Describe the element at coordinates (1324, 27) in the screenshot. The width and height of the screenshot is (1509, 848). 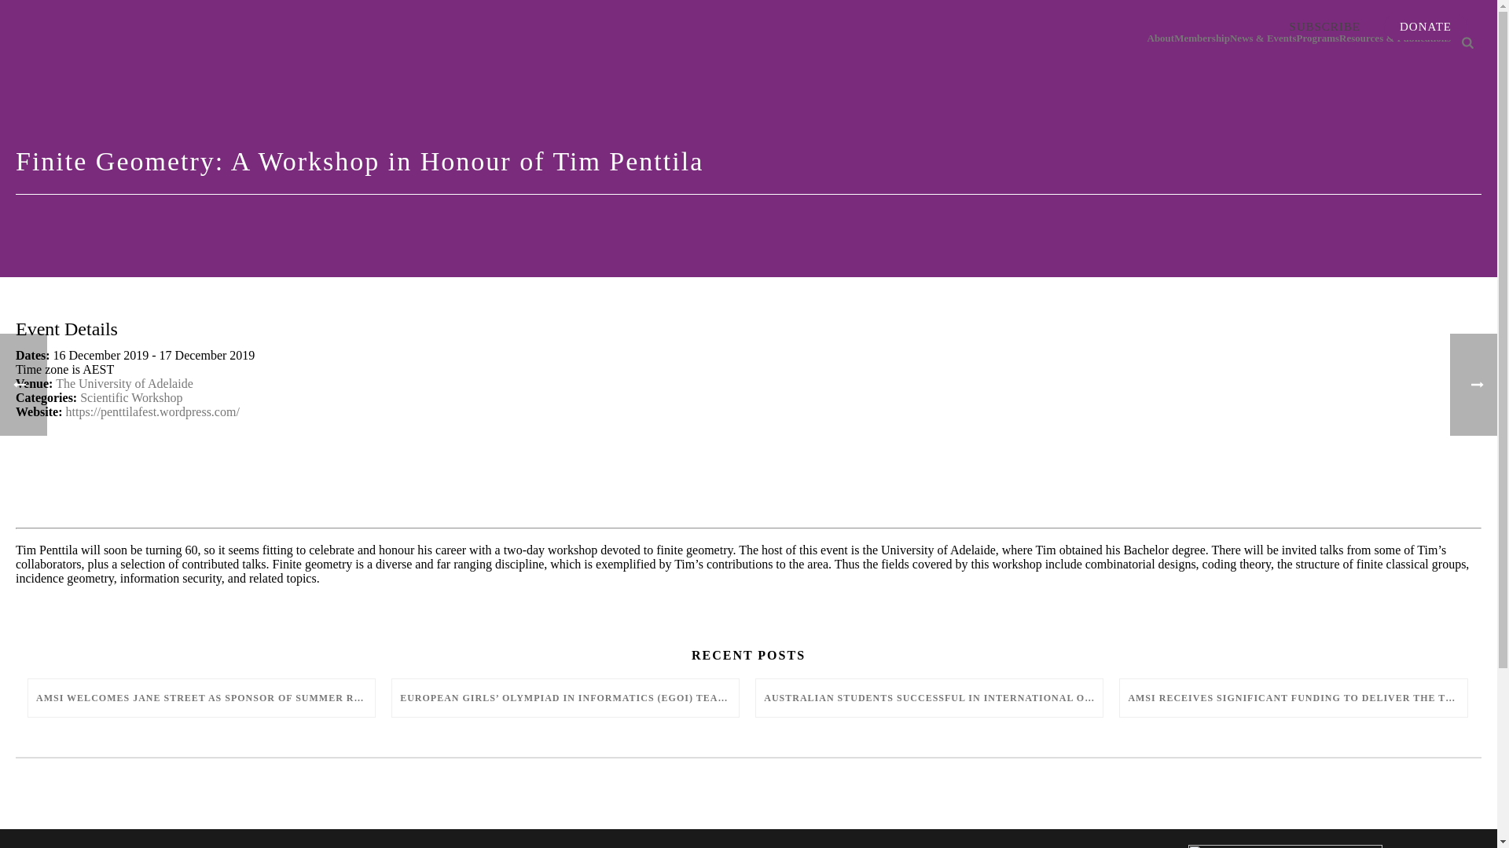
I see `'SUBSCRIBE'` at that location.